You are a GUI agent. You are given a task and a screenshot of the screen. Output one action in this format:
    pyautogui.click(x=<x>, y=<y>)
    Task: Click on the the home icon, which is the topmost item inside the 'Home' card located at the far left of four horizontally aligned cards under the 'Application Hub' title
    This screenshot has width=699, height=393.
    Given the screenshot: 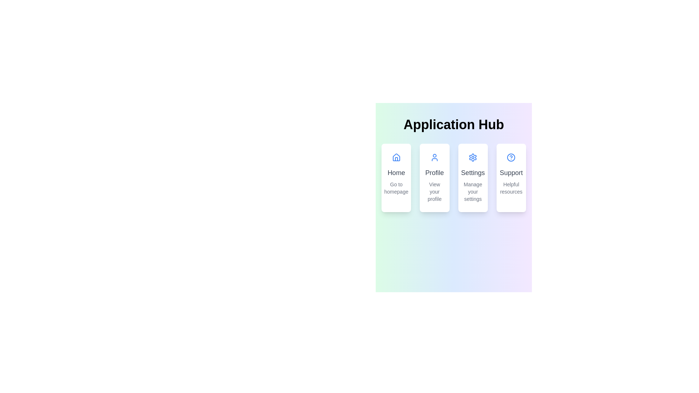 What is the action you would take?
    pyautogui.click(x=396, y=157)
    